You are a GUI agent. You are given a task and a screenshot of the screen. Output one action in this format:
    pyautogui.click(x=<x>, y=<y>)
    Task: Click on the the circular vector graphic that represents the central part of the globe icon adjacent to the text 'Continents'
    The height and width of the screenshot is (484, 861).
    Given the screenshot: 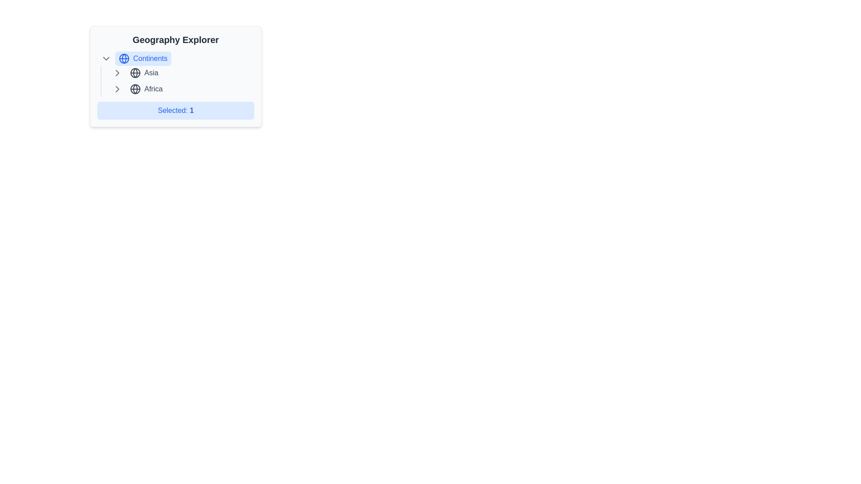 What is the action you would take?
    pyautogui.click(x=124, y=59)
    